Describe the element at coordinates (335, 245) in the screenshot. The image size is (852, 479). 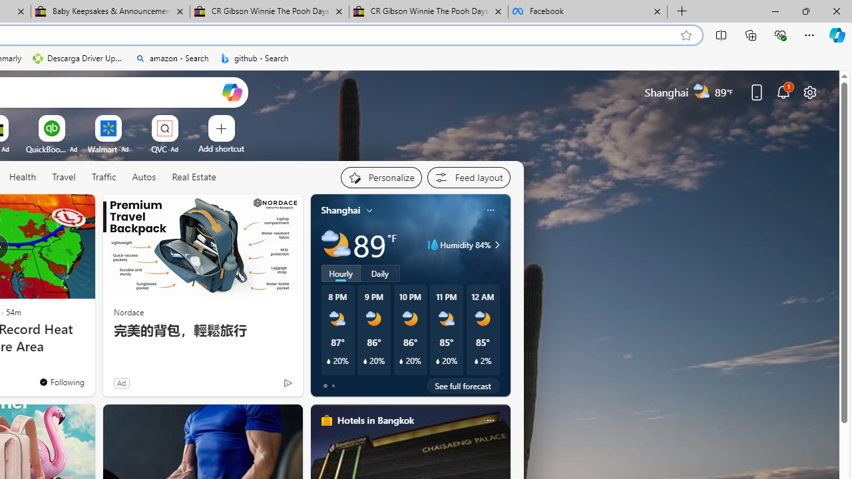
I see `'Partly cloudy'` at that location.